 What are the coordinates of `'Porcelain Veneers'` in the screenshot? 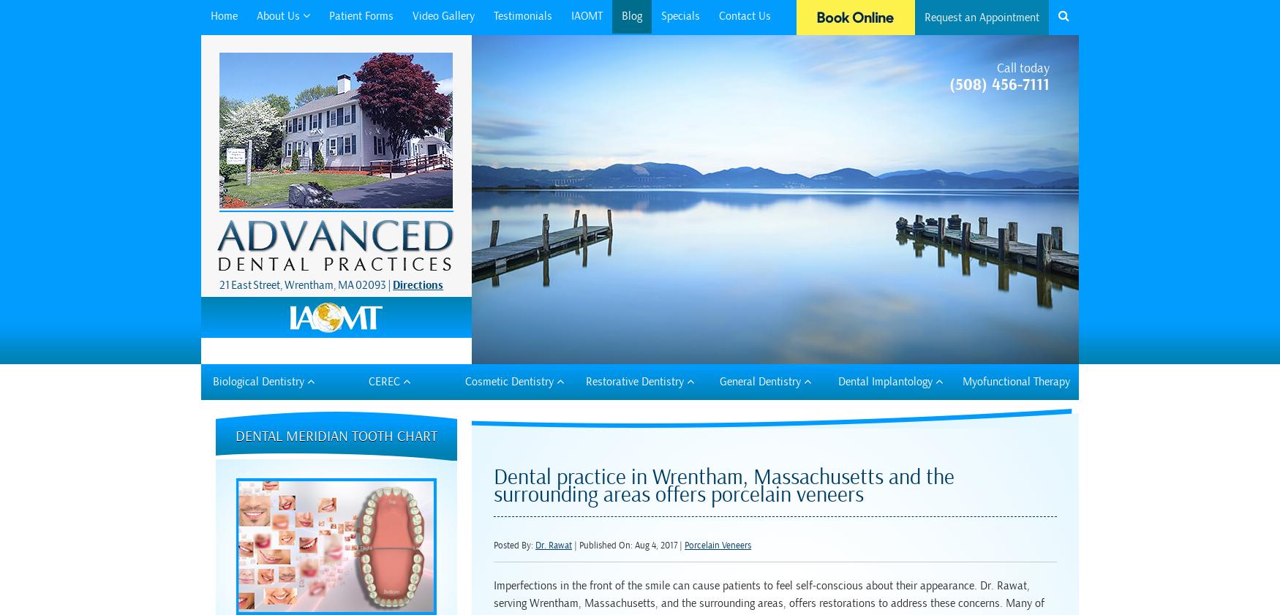 It's located at (718, 545).